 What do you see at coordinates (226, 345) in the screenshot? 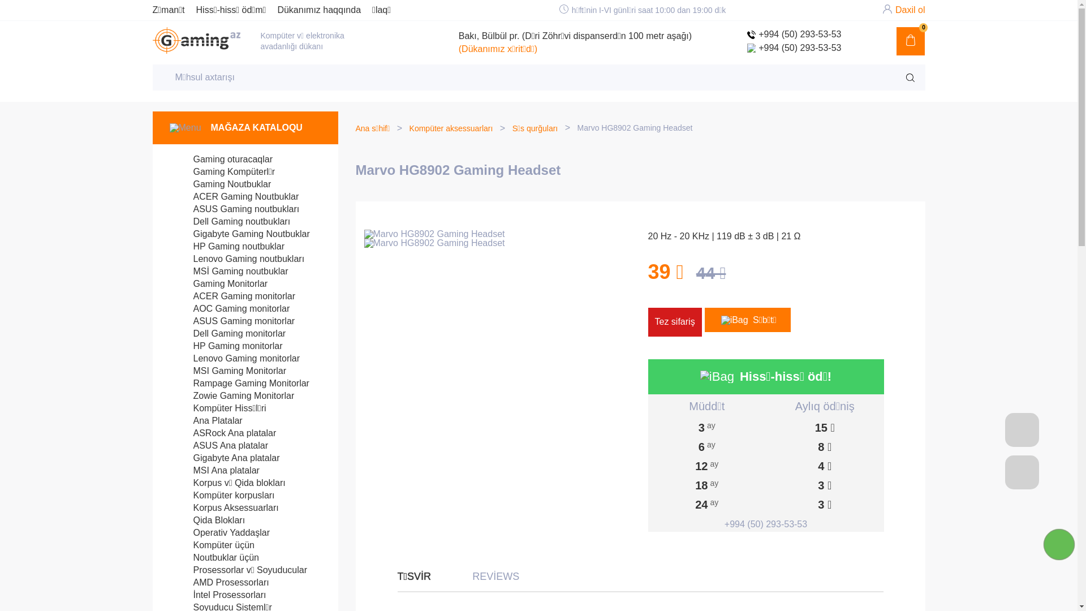
I see `'HP Gaming monitorlar'` at bounding box center [226, 345].